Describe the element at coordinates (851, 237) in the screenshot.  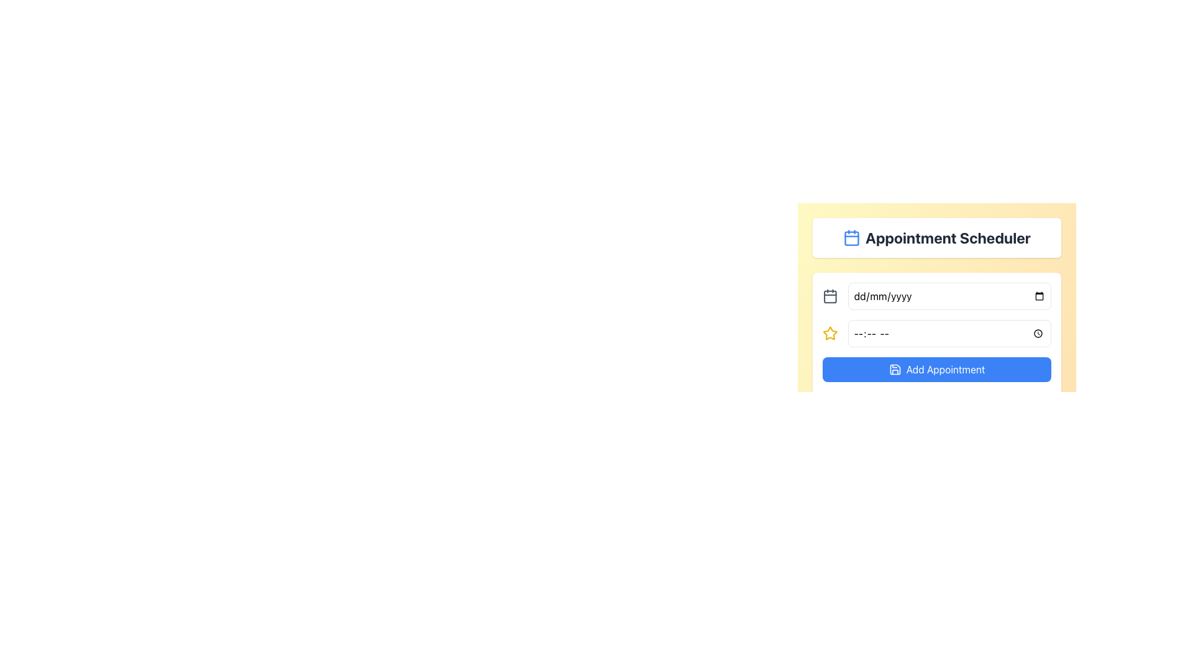
I see `the blue calendar icon located to the left of the 'Appointment Scheduler' text, which features a rectangular body and two lines at the top` at that location.